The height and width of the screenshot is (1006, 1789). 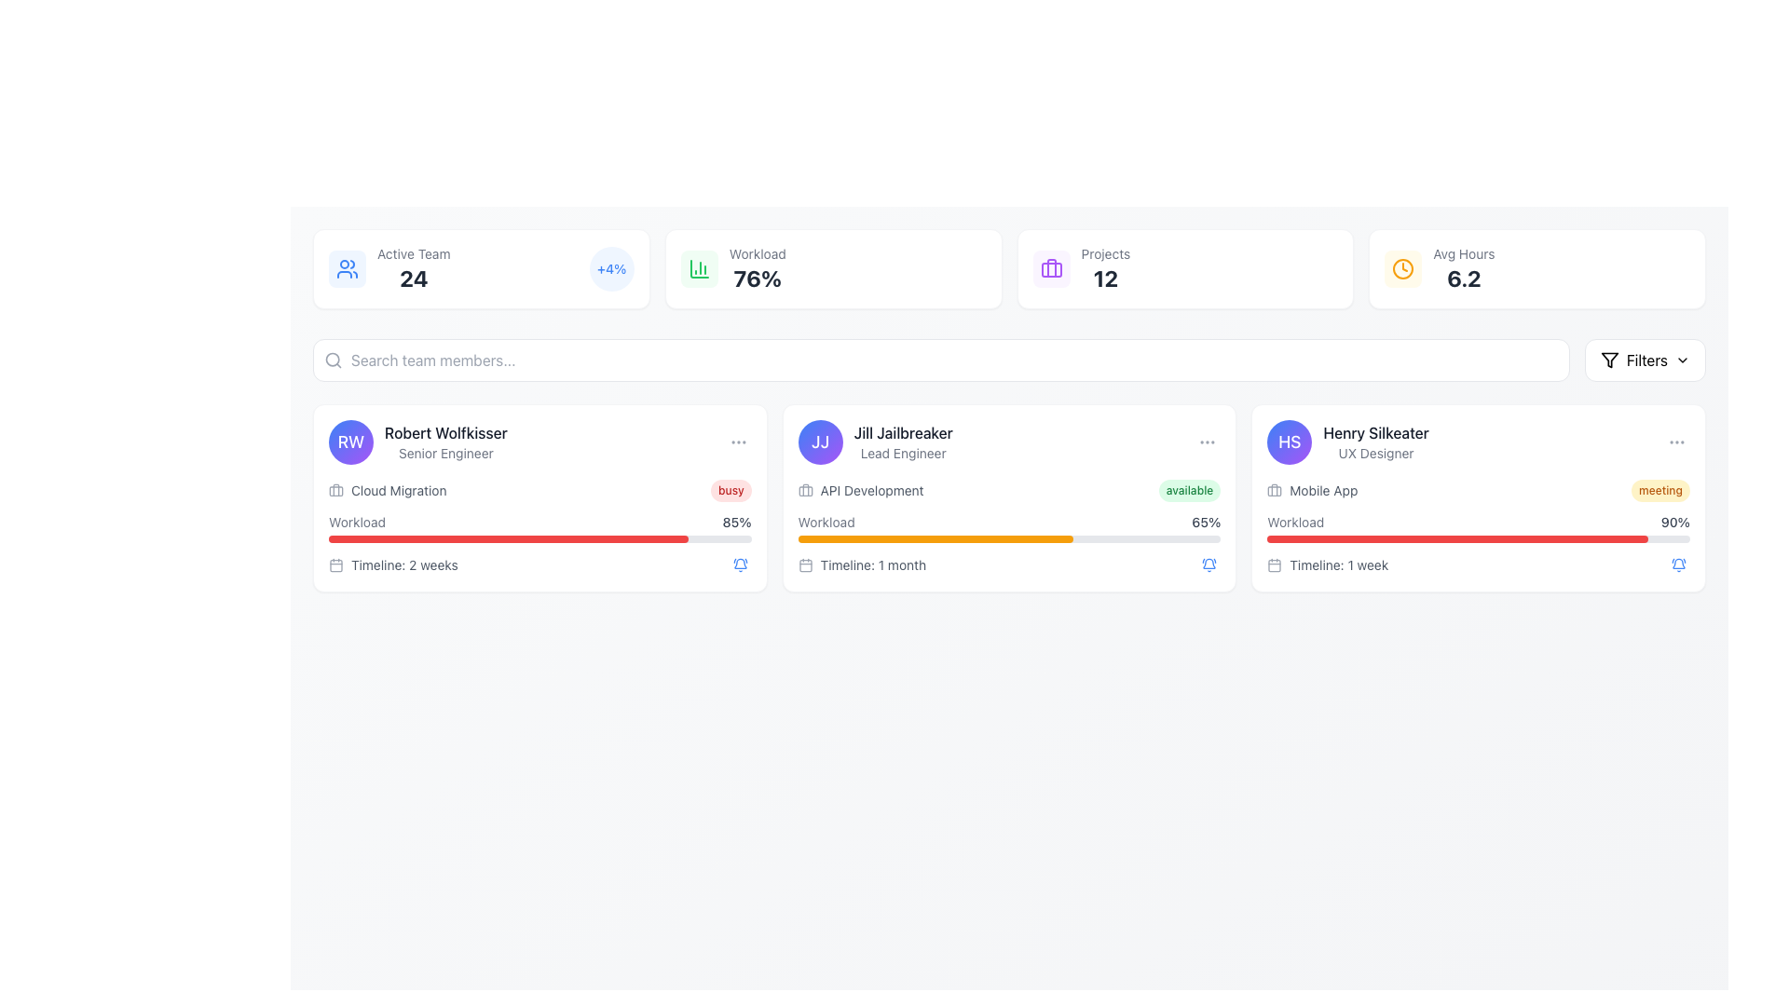 What do you see at coordinates (1105, 279) in the screenshot?
I see `the text displaying the number of ongoing projects, which is located below the 'Projects' label in the upper-central area of the dashboard` at bounding box center [1105, 279].